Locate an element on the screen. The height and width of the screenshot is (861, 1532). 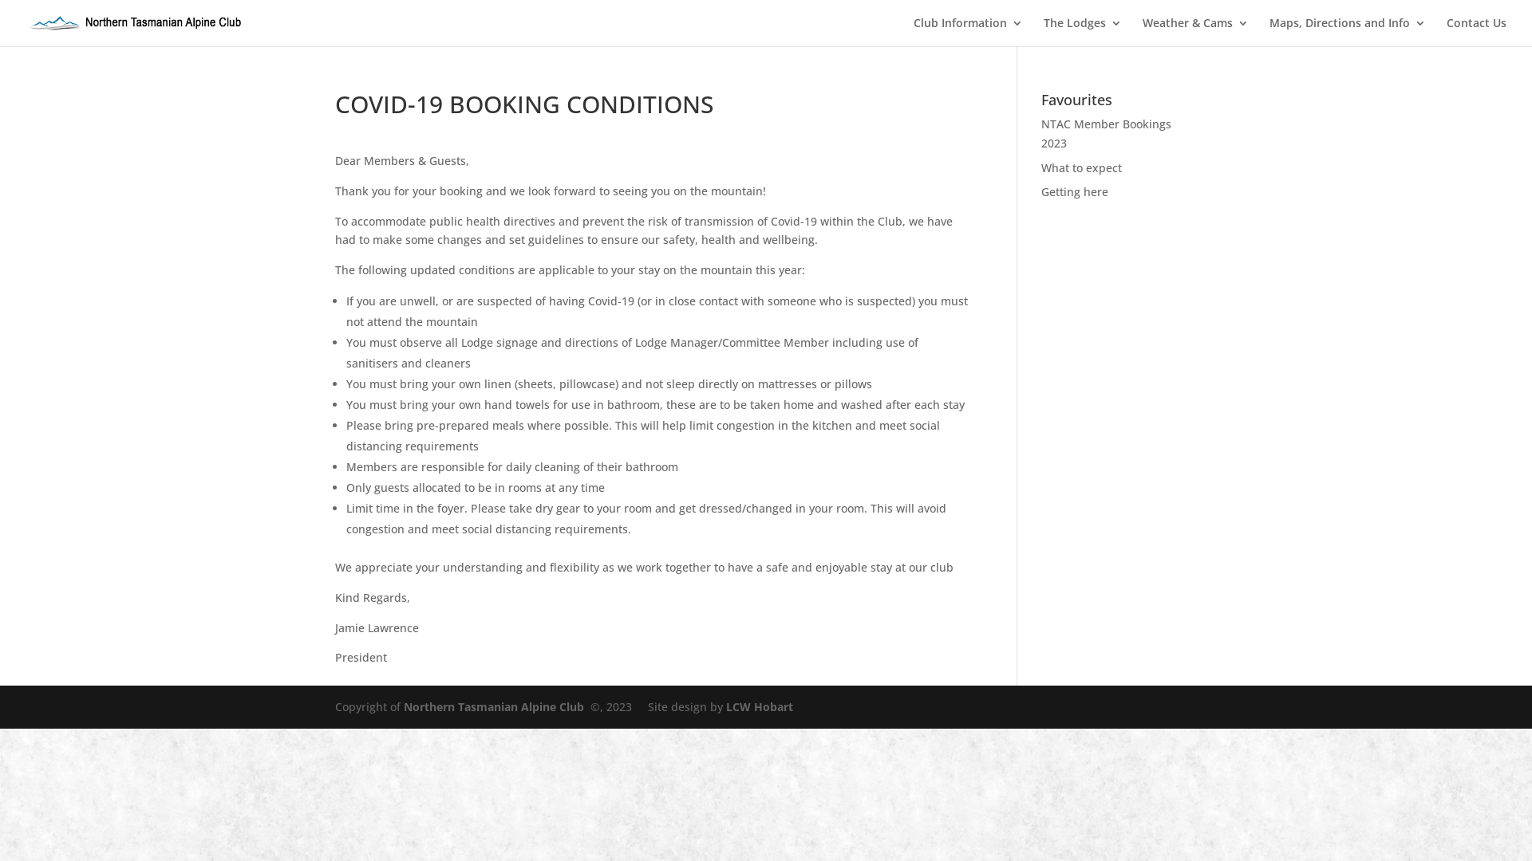
'LCW Hobart' is located at coordinates (758, 706).